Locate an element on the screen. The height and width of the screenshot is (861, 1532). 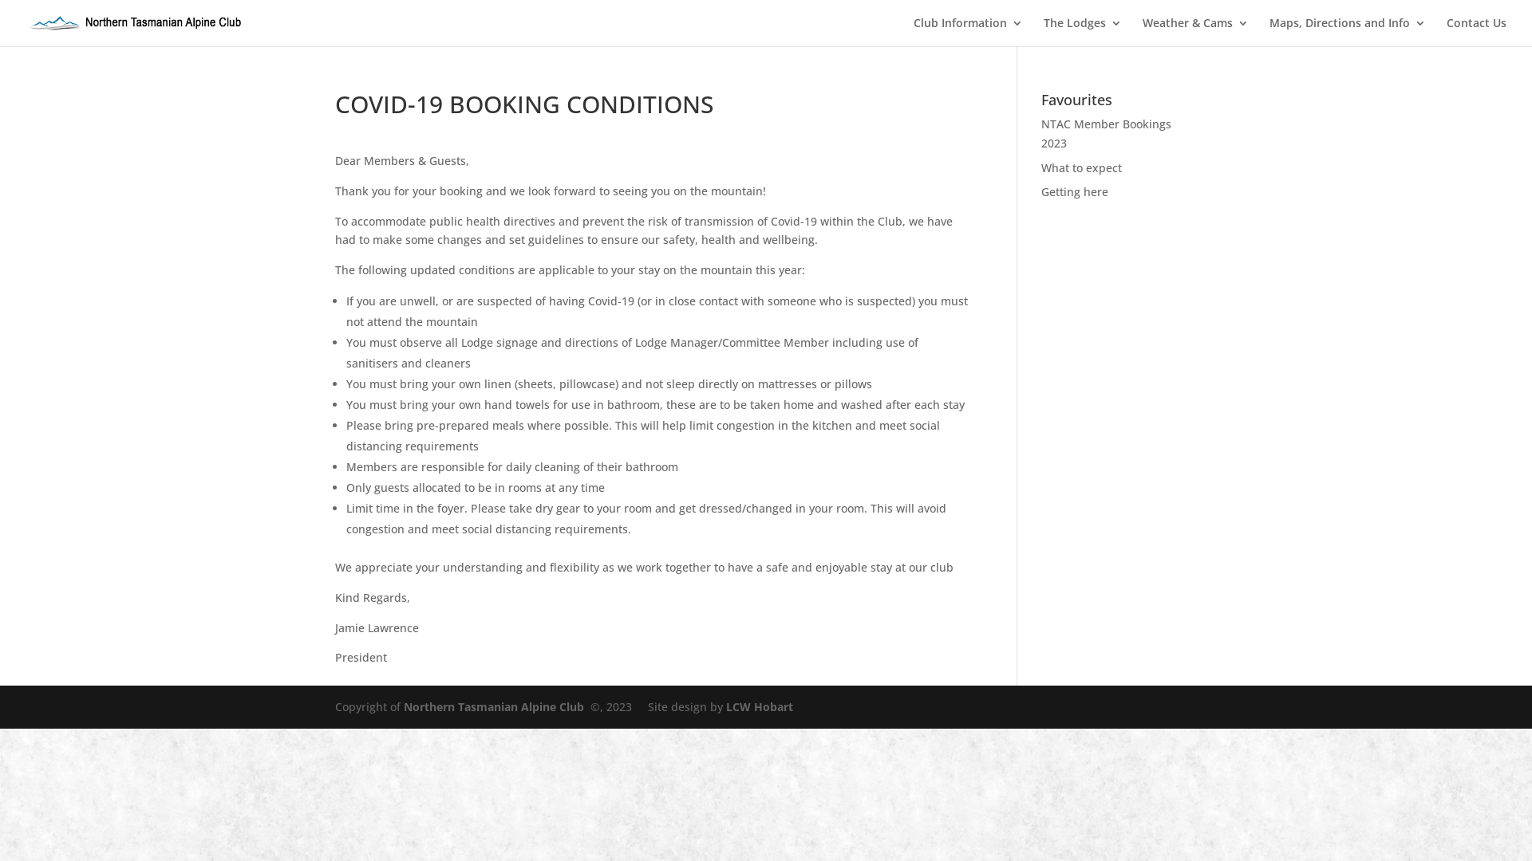
'LCW Hobart' is located at coordinates (758, 706).